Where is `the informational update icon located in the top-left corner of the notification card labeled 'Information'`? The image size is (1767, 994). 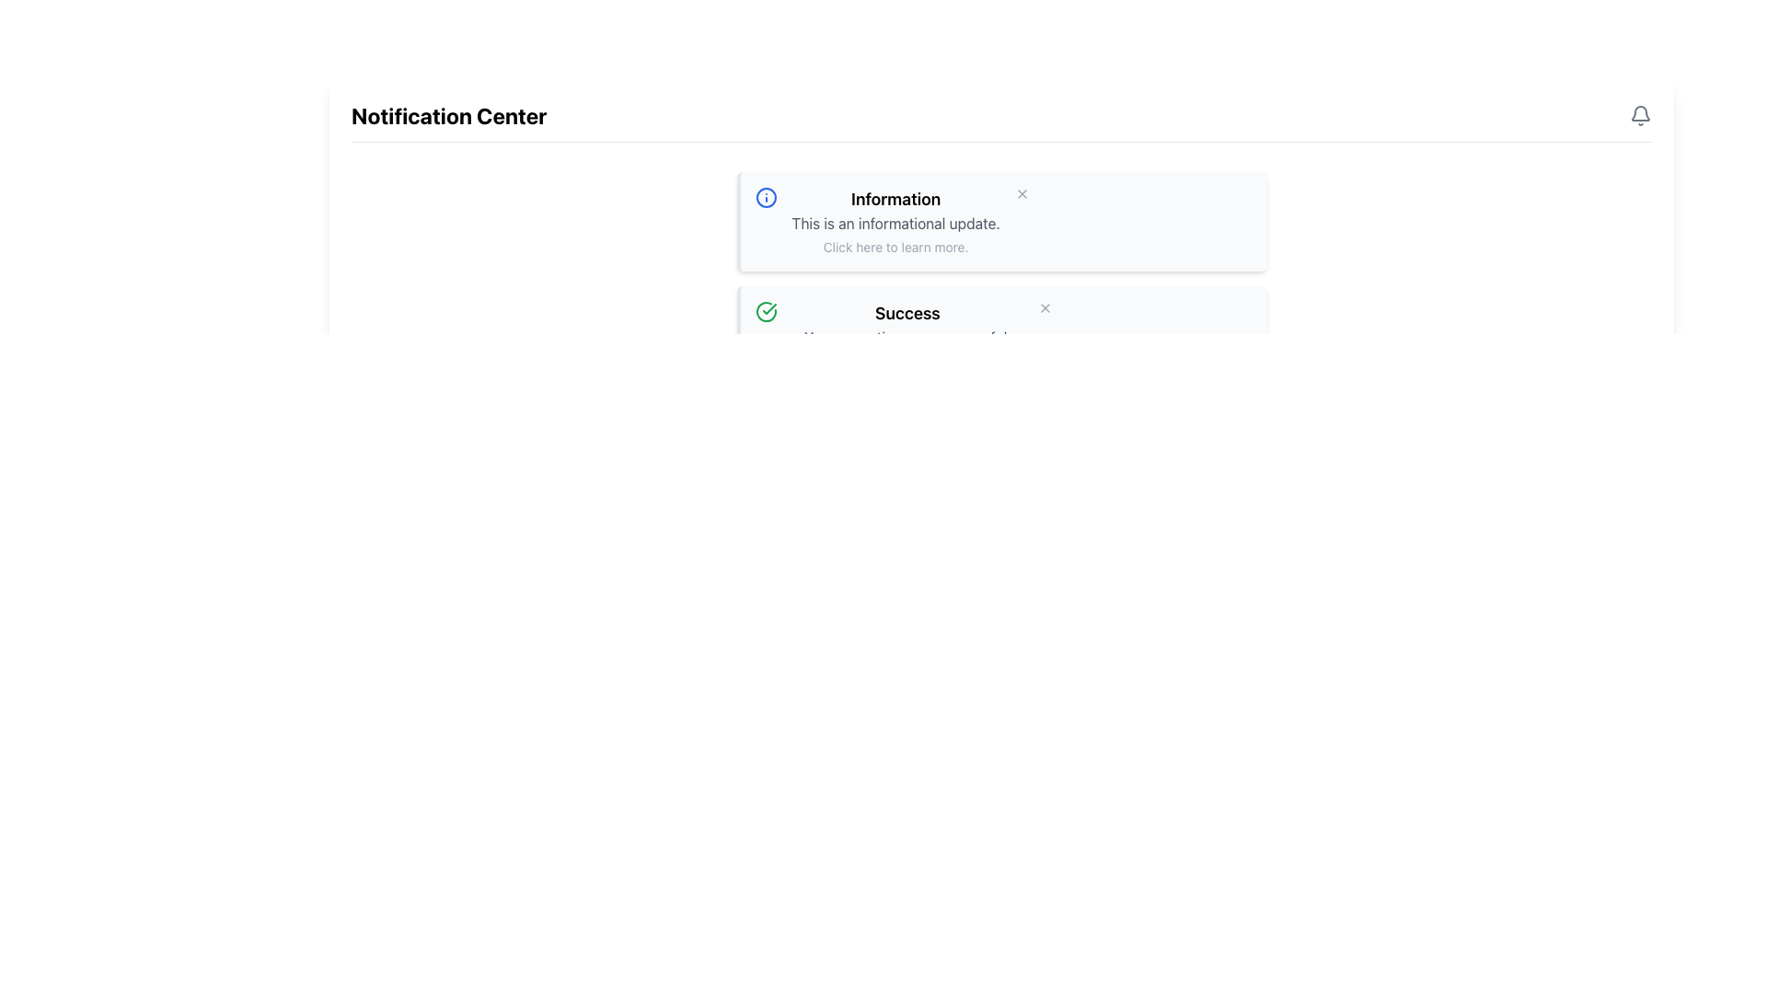 the informational update icon located in the top-left corner of the notification card labeled 'Information' is located at coordinates (766, 198).